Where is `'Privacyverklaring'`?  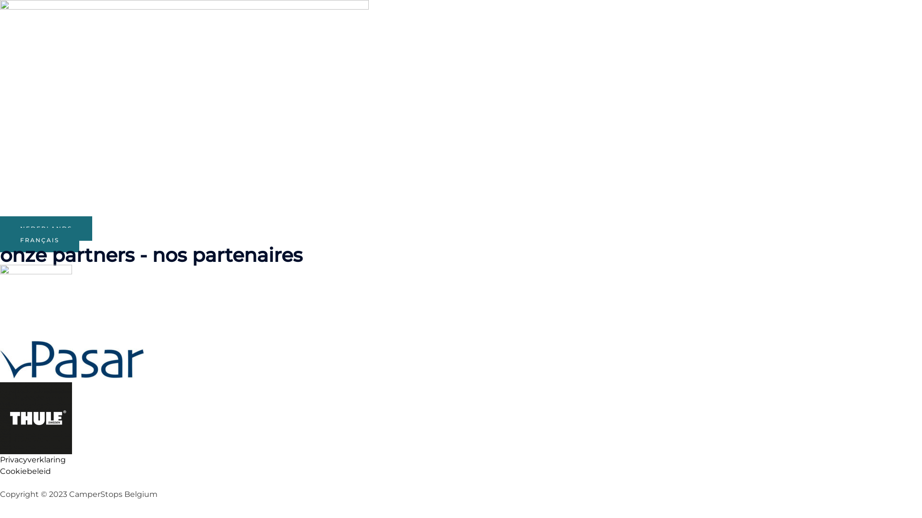 'Privacyverklaring' is located at coordinates (33, 459).